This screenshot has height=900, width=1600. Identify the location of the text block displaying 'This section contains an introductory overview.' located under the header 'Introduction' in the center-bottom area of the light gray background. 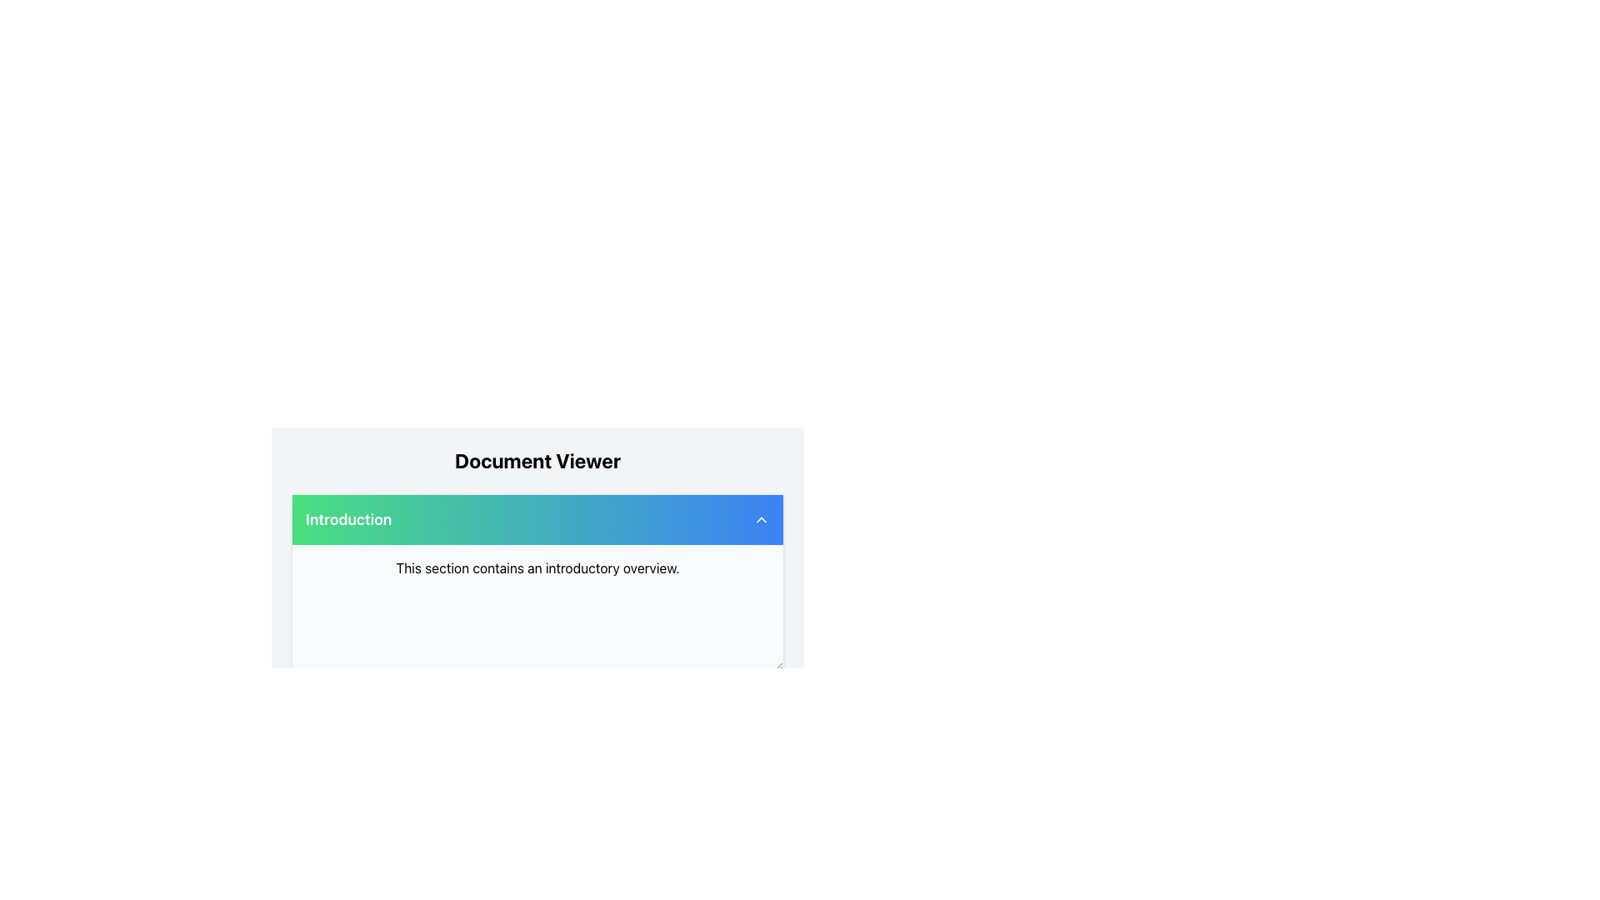
(537, 567).